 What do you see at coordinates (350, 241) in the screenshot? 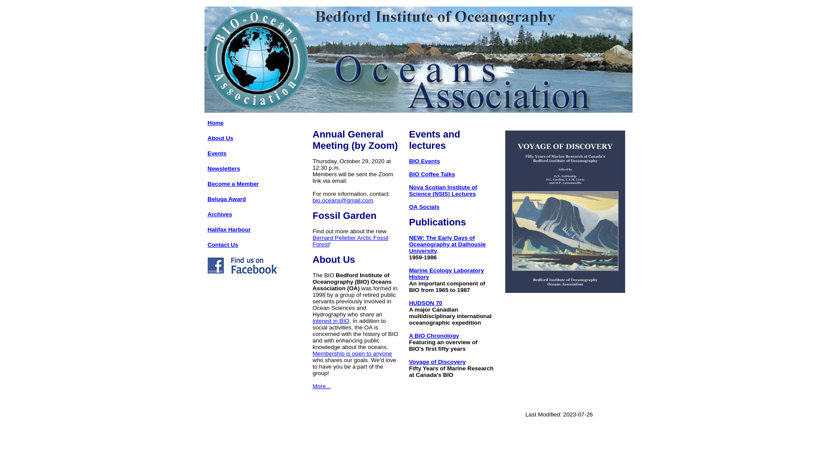
I see `'Bernard Pelletier Arctic Fossil Forest'` at bounding box center [350, 241].